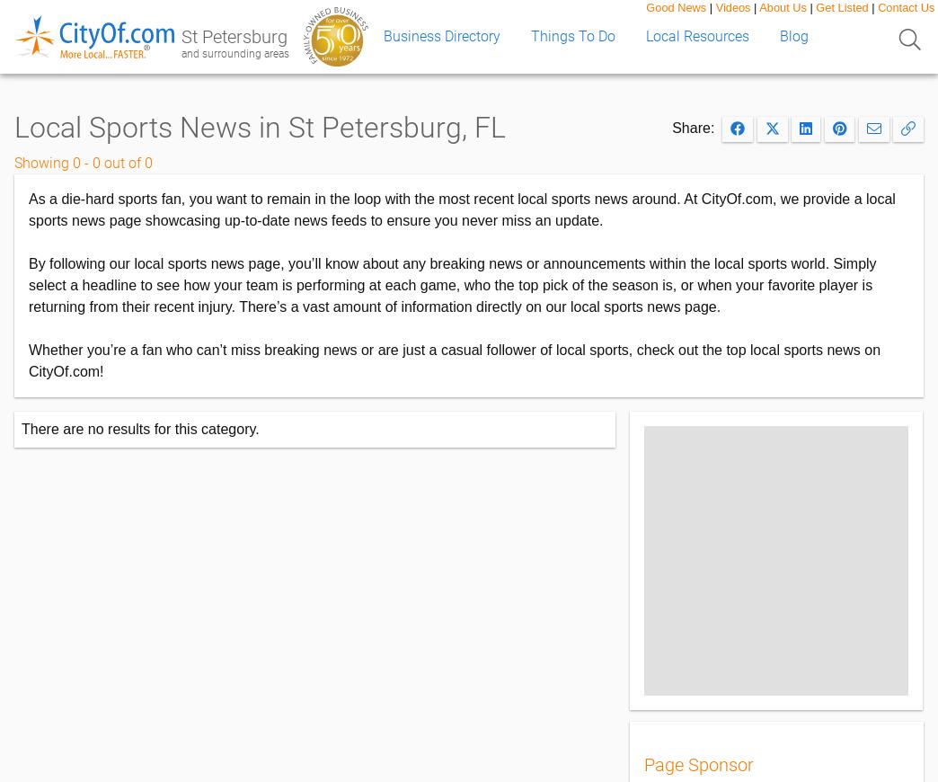 The image size is (938, 782). What do you see at coordinates (572, 35) in the screenshot?
I see `'Things To Do'` at bounding box center [572, 35].